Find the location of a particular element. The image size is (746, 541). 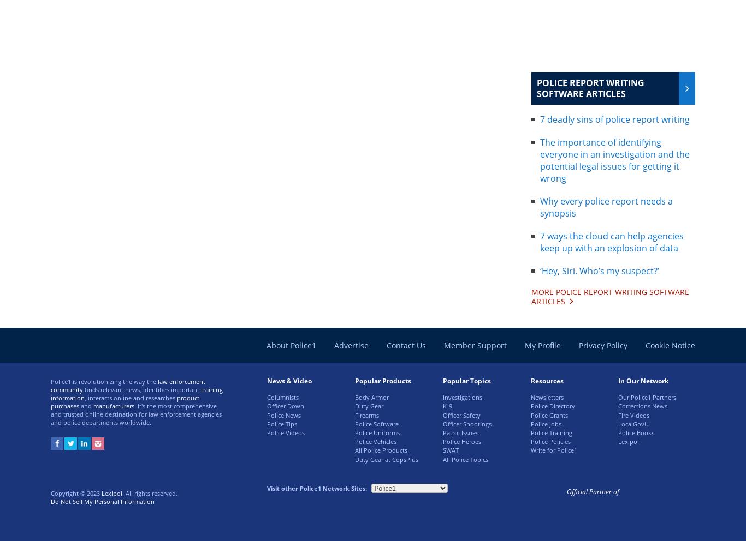

'Visit other Police1 Network Sites:' is located at coordinates (316, 488).